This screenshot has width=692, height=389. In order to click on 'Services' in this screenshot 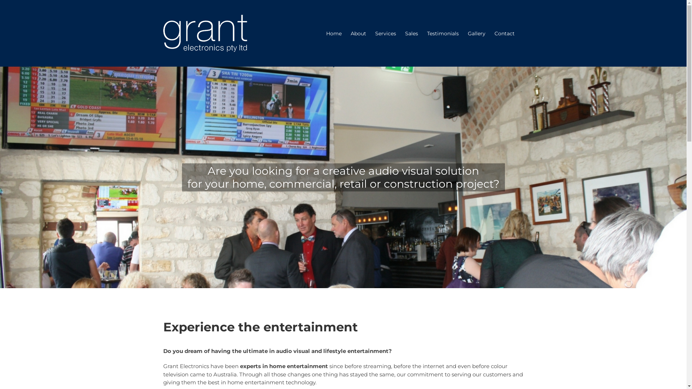, I will do `click(385, 33)`.